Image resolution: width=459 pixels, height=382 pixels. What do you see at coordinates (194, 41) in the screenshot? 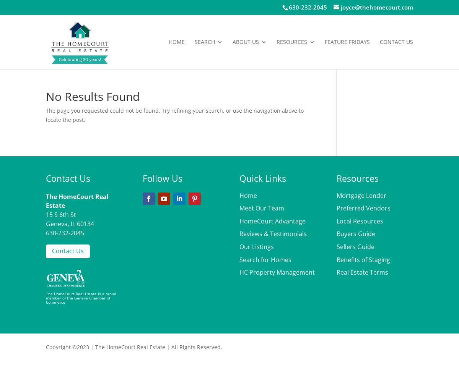
I see `'Search'` at bounding box center [194, 41].